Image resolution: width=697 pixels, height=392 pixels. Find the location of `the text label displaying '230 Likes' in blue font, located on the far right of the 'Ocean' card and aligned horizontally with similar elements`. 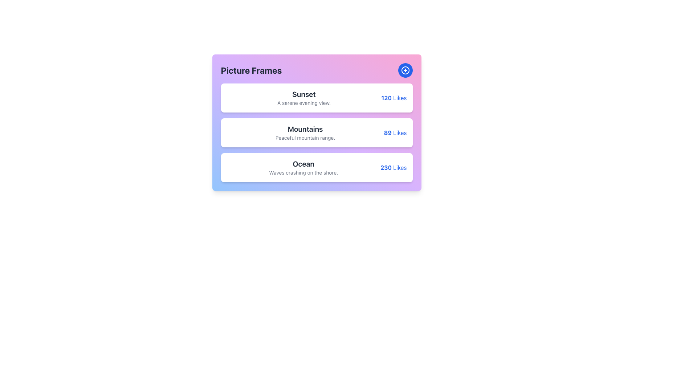

the text label displaying '230 Likes' in blue font, located on the far right of the 'Ocean' card and aligned horizontally with similar elements is located at coordinates (393, 168).